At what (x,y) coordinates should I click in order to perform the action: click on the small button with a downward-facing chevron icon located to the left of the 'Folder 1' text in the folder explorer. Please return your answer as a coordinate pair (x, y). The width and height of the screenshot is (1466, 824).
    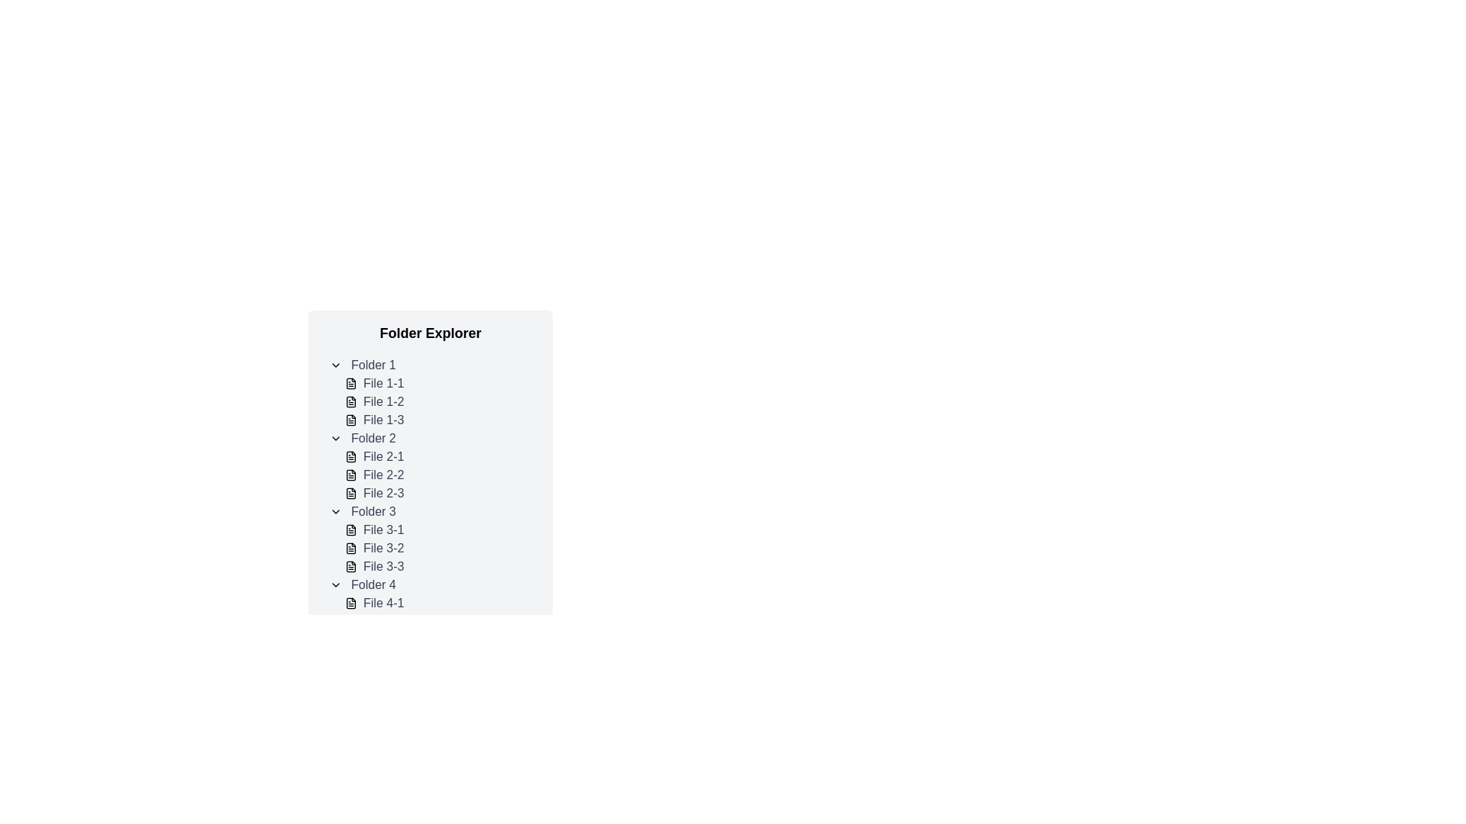
    Looking at the image, I should click on (335, 365).